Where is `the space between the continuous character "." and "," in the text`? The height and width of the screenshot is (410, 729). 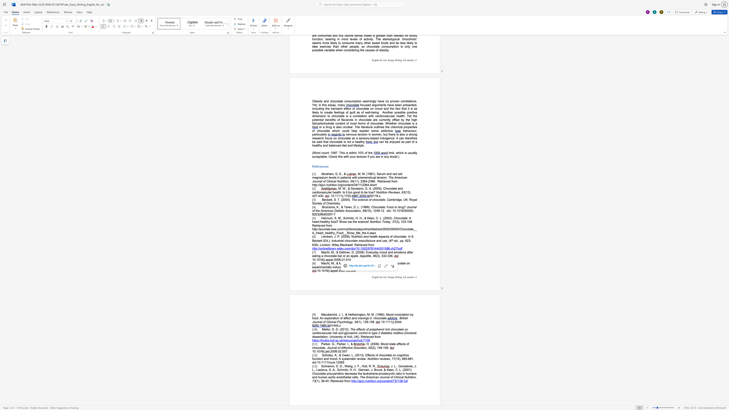
the space between the continuous character "." and "," in the text is located at coordinates (334, 263).